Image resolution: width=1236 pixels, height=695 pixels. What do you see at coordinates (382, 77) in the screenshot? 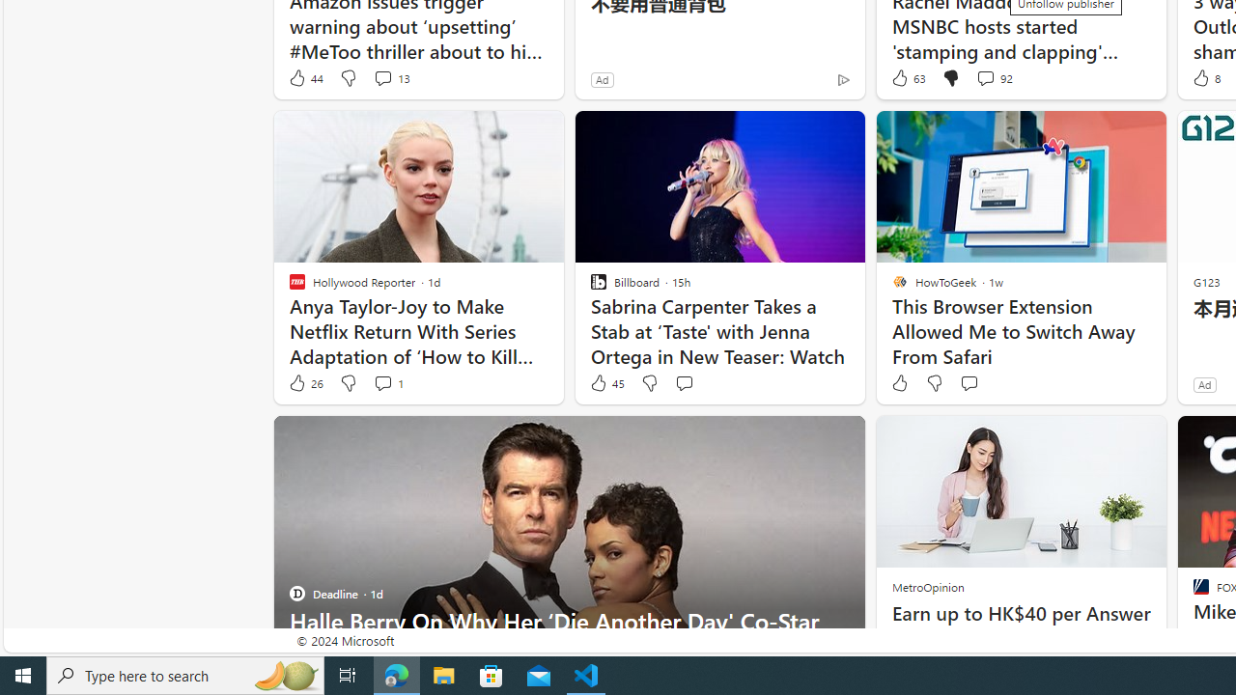
I see `'View comments 13 Comment'` at bounding box center [382, 77].